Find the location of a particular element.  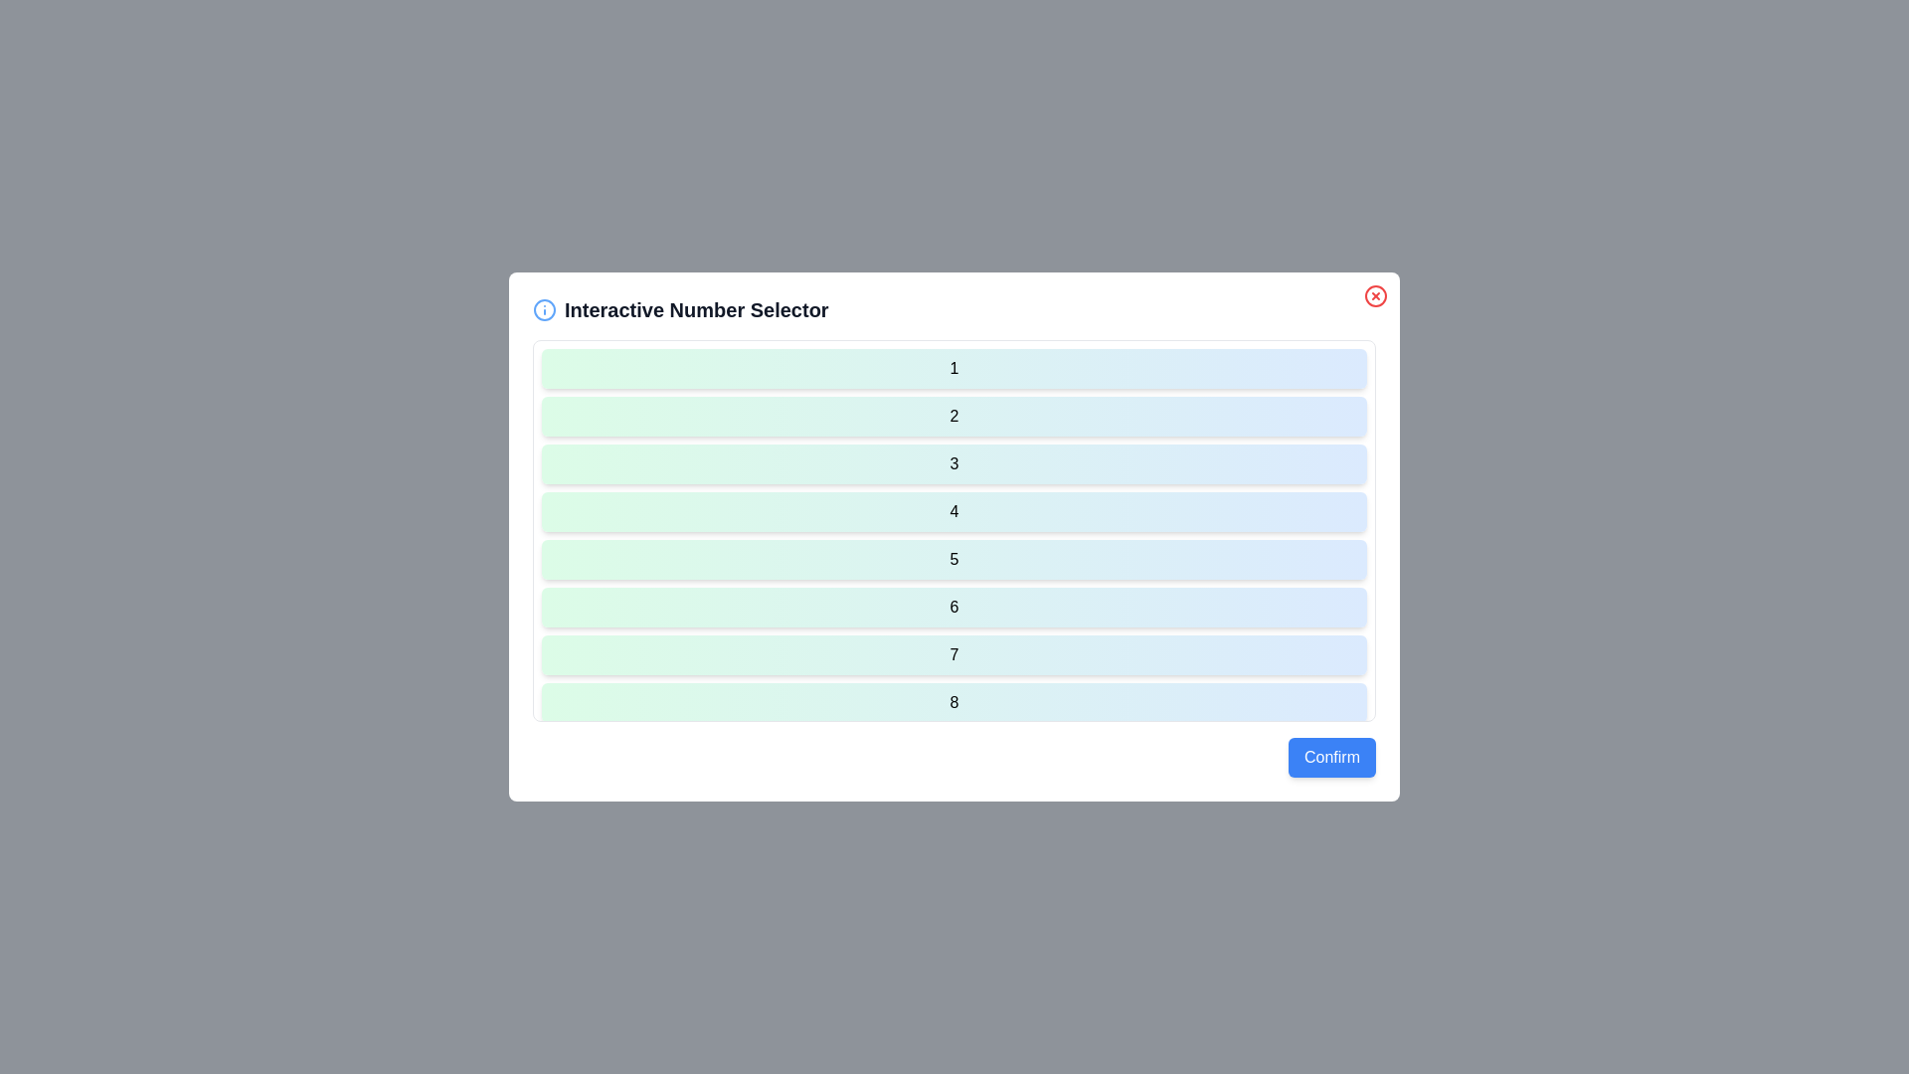

confirm button to confirm the selection is located at coordinates (1331, 758).